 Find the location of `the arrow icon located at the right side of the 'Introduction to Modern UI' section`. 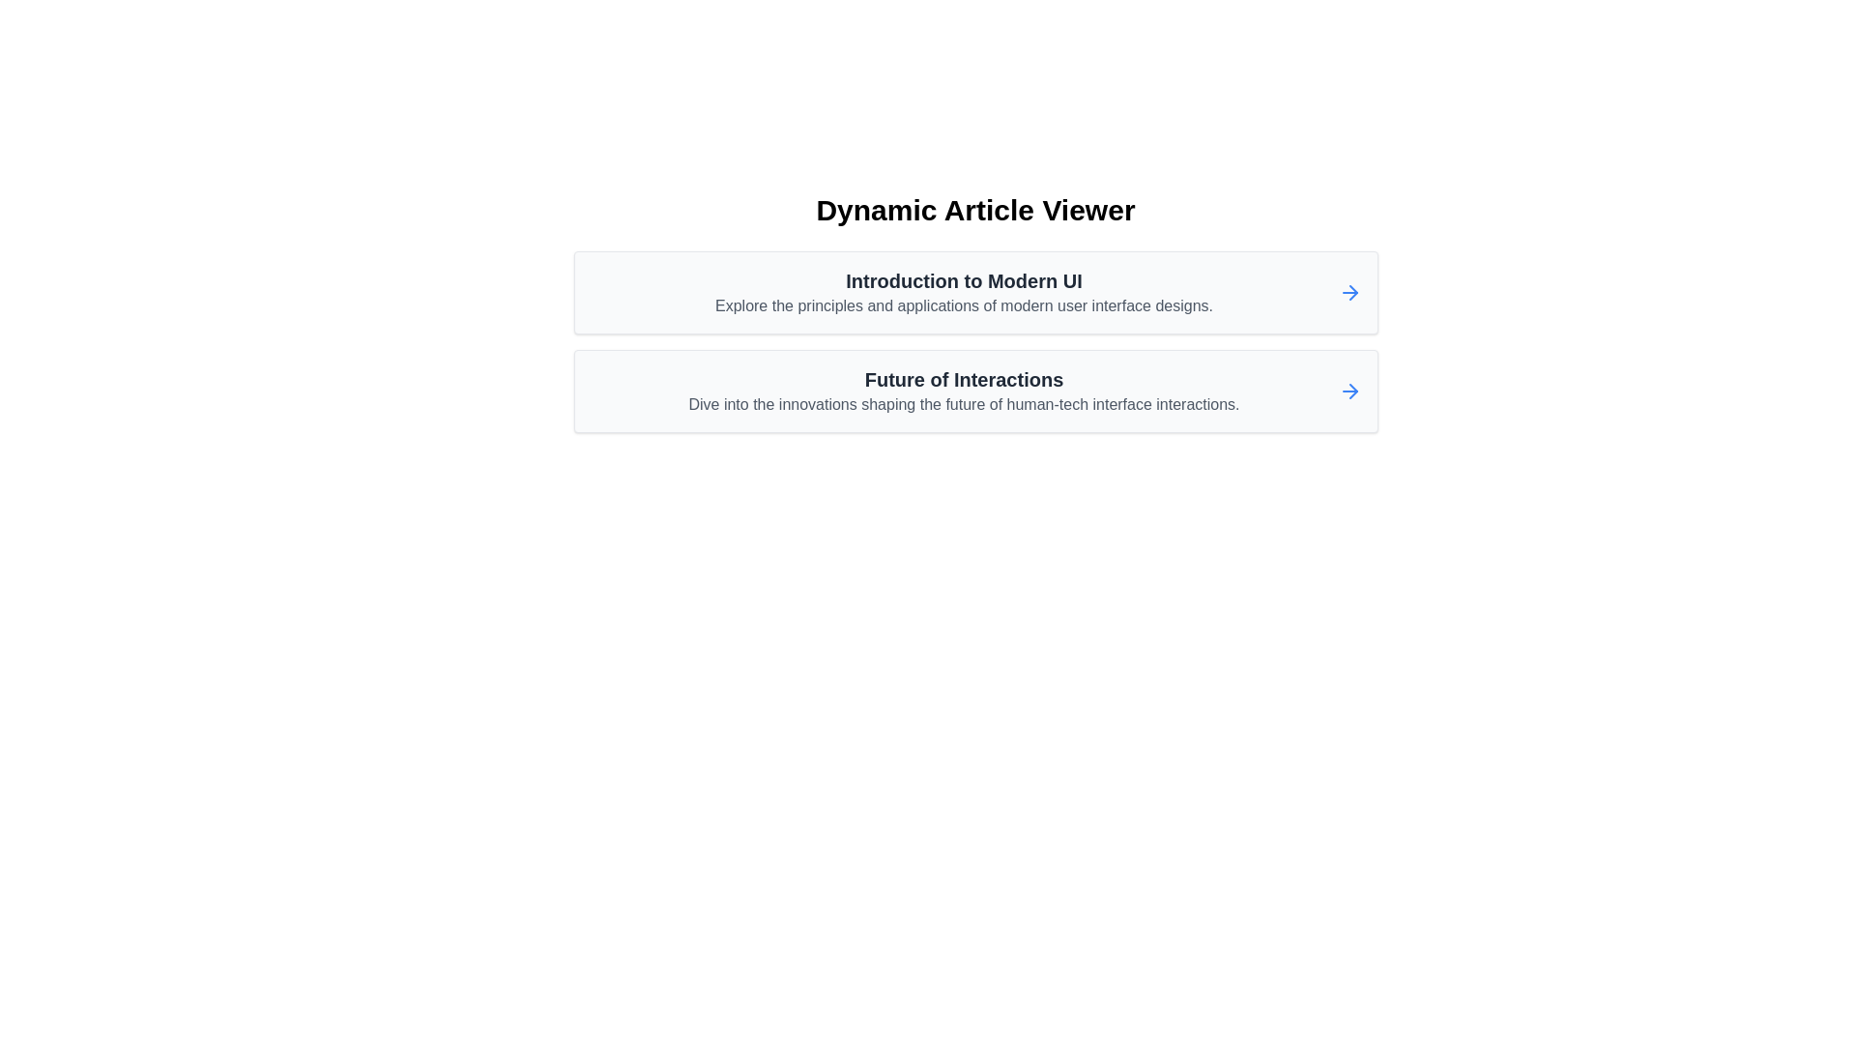

the arrow icon located at the right side of the 'Introduction to Modern UI' section is located at coordinates (1348, 293).